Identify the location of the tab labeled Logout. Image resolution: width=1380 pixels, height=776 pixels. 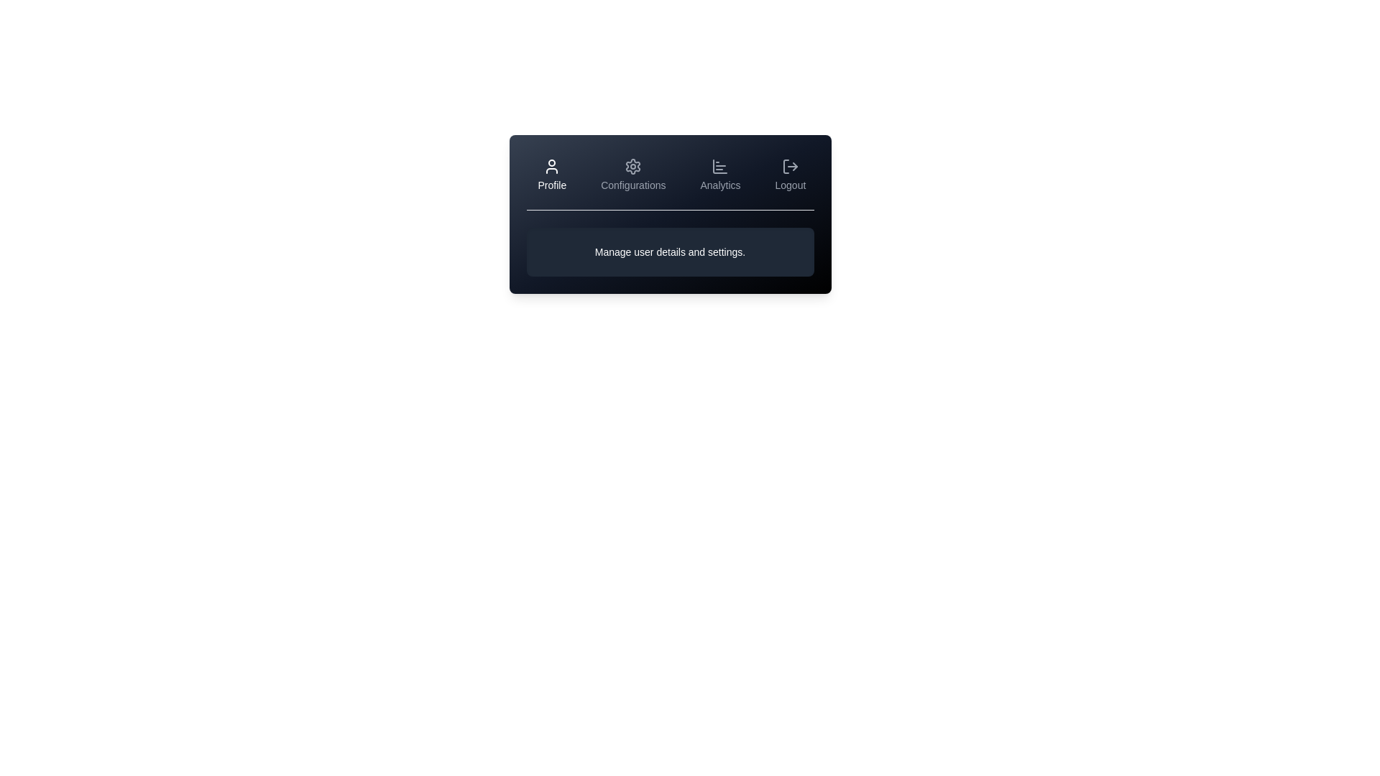
(789, 174).